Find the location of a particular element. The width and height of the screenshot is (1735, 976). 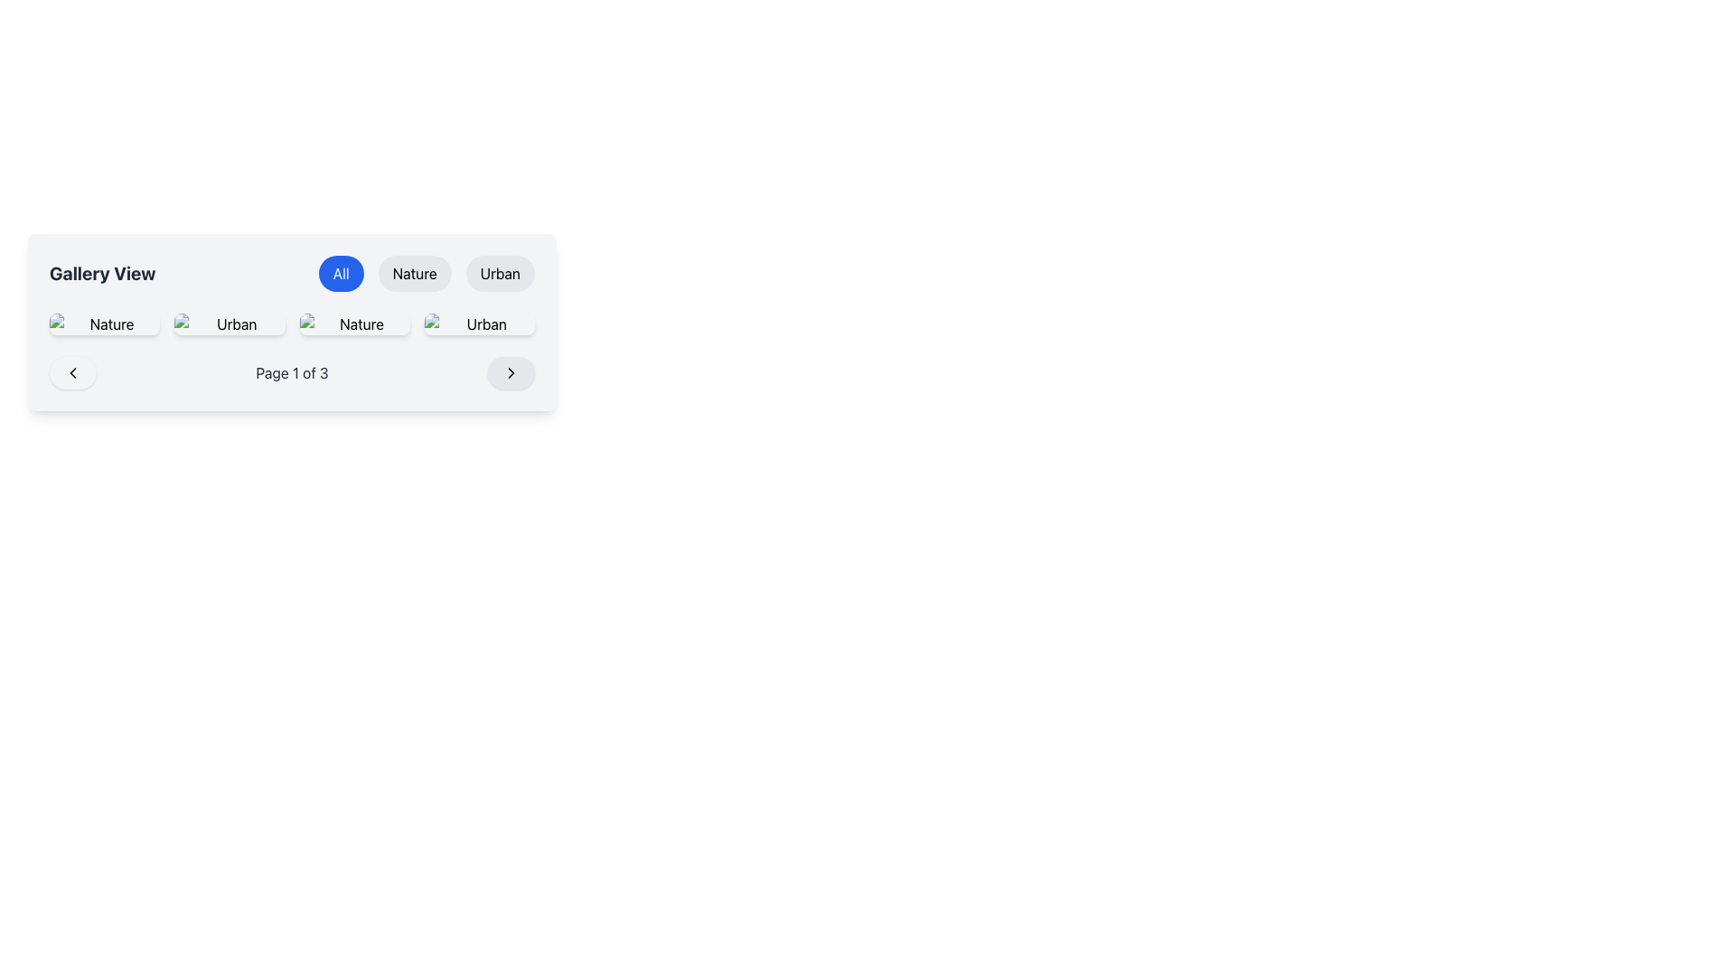

the circular button with a light gray background and a black left-facing chevron icon, located to the left of the 'Page 1 of 3' text is located at coordinates (72, 371).